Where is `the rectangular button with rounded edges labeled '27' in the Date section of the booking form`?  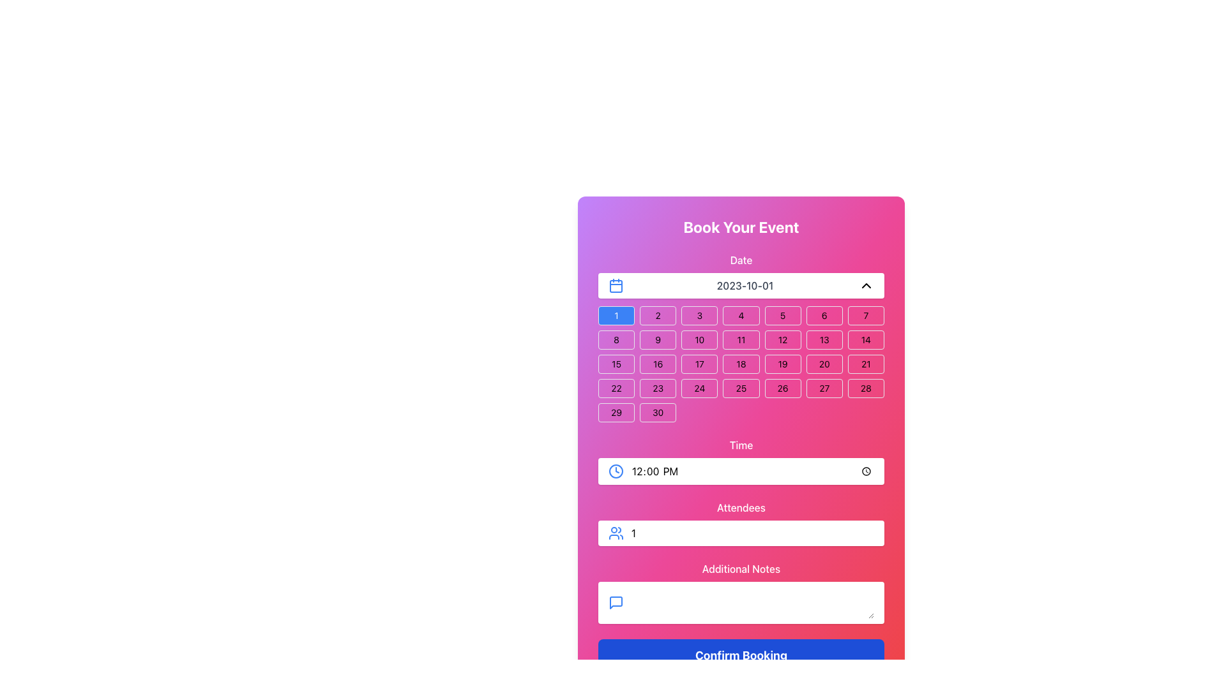
the rectangular button with rounded edges labeled '27' in the Date section of the booking form is located at coordinates (824, 388).